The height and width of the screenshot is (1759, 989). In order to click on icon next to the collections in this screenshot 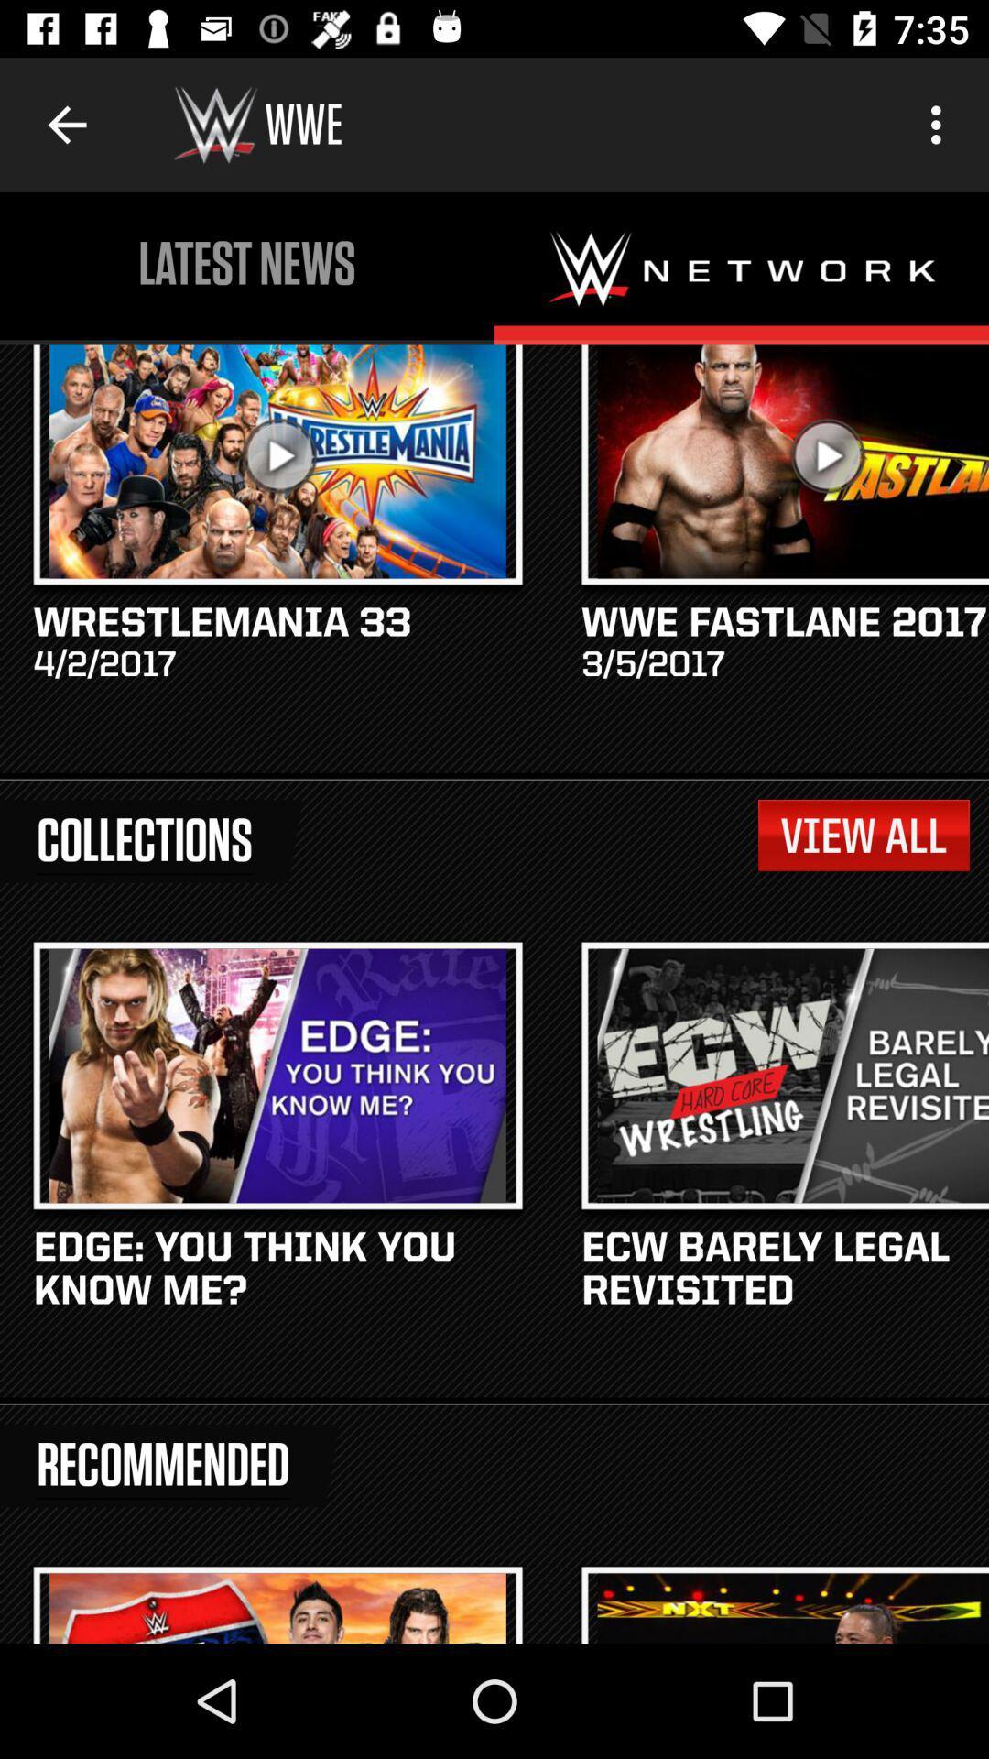, I will do `click(864, 835)`.